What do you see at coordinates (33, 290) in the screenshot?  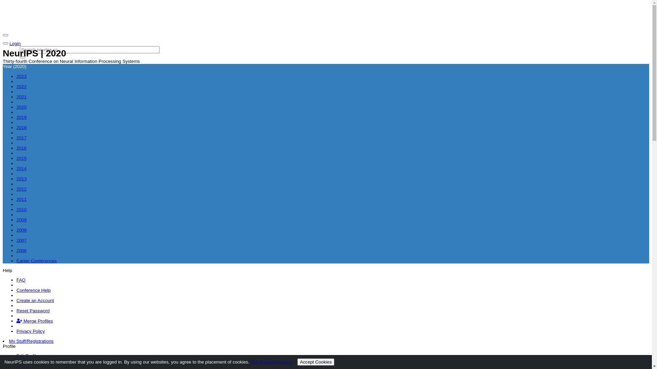 I see `'Conference Help'` at bounding box center [33, 290].